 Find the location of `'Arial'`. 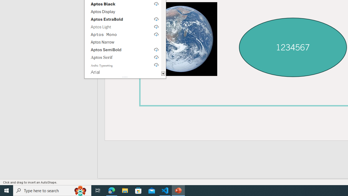

'Arial' is located at coordinates (122, 72).